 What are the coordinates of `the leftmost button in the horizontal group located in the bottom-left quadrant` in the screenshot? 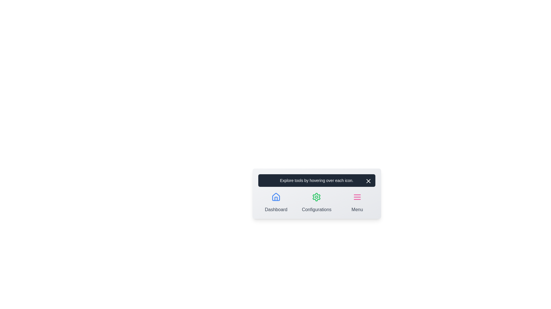 It's located at (276, 197).